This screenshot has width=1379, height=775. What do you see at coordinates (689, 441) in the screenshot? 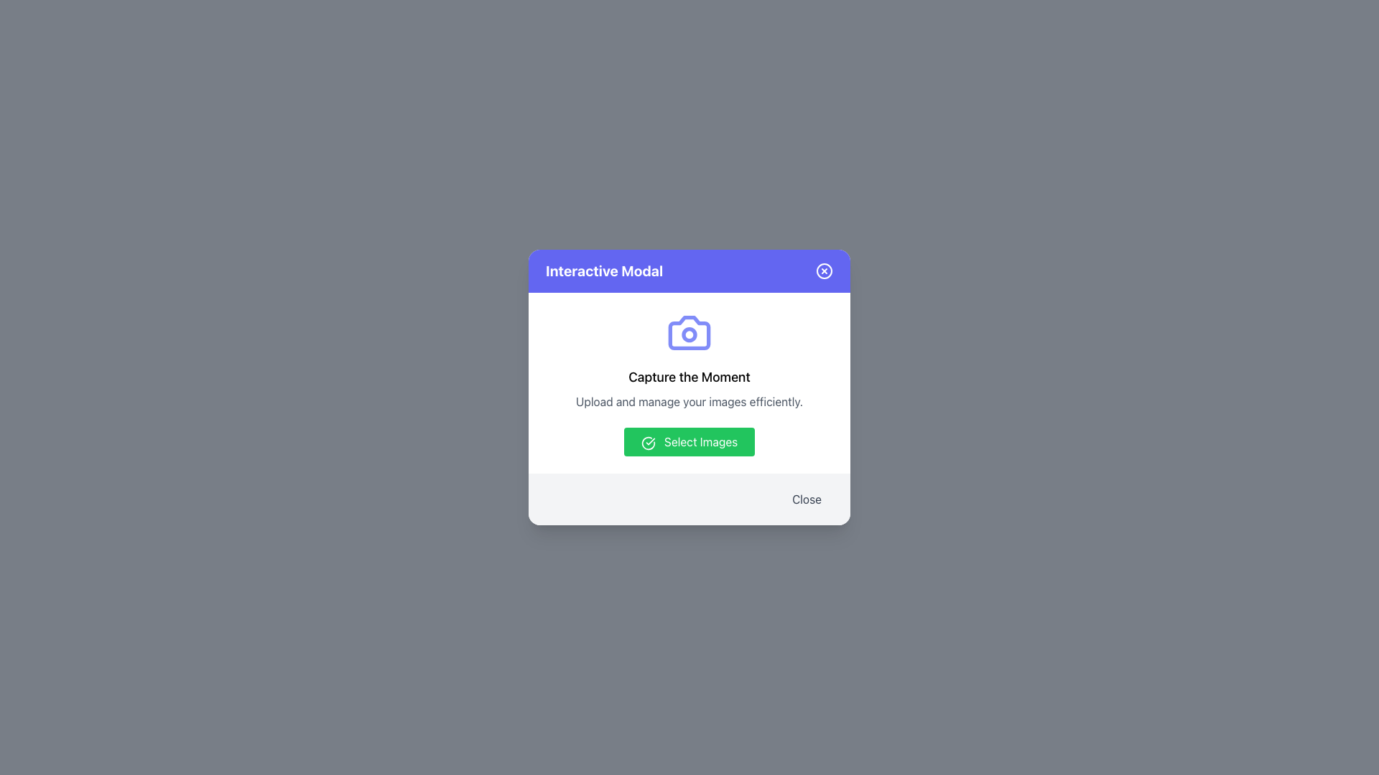
I see `the 'Select Images' button, which is a green rectangular button with rounded corners and contains a checkmark icon` at bounding box center [689, 441].